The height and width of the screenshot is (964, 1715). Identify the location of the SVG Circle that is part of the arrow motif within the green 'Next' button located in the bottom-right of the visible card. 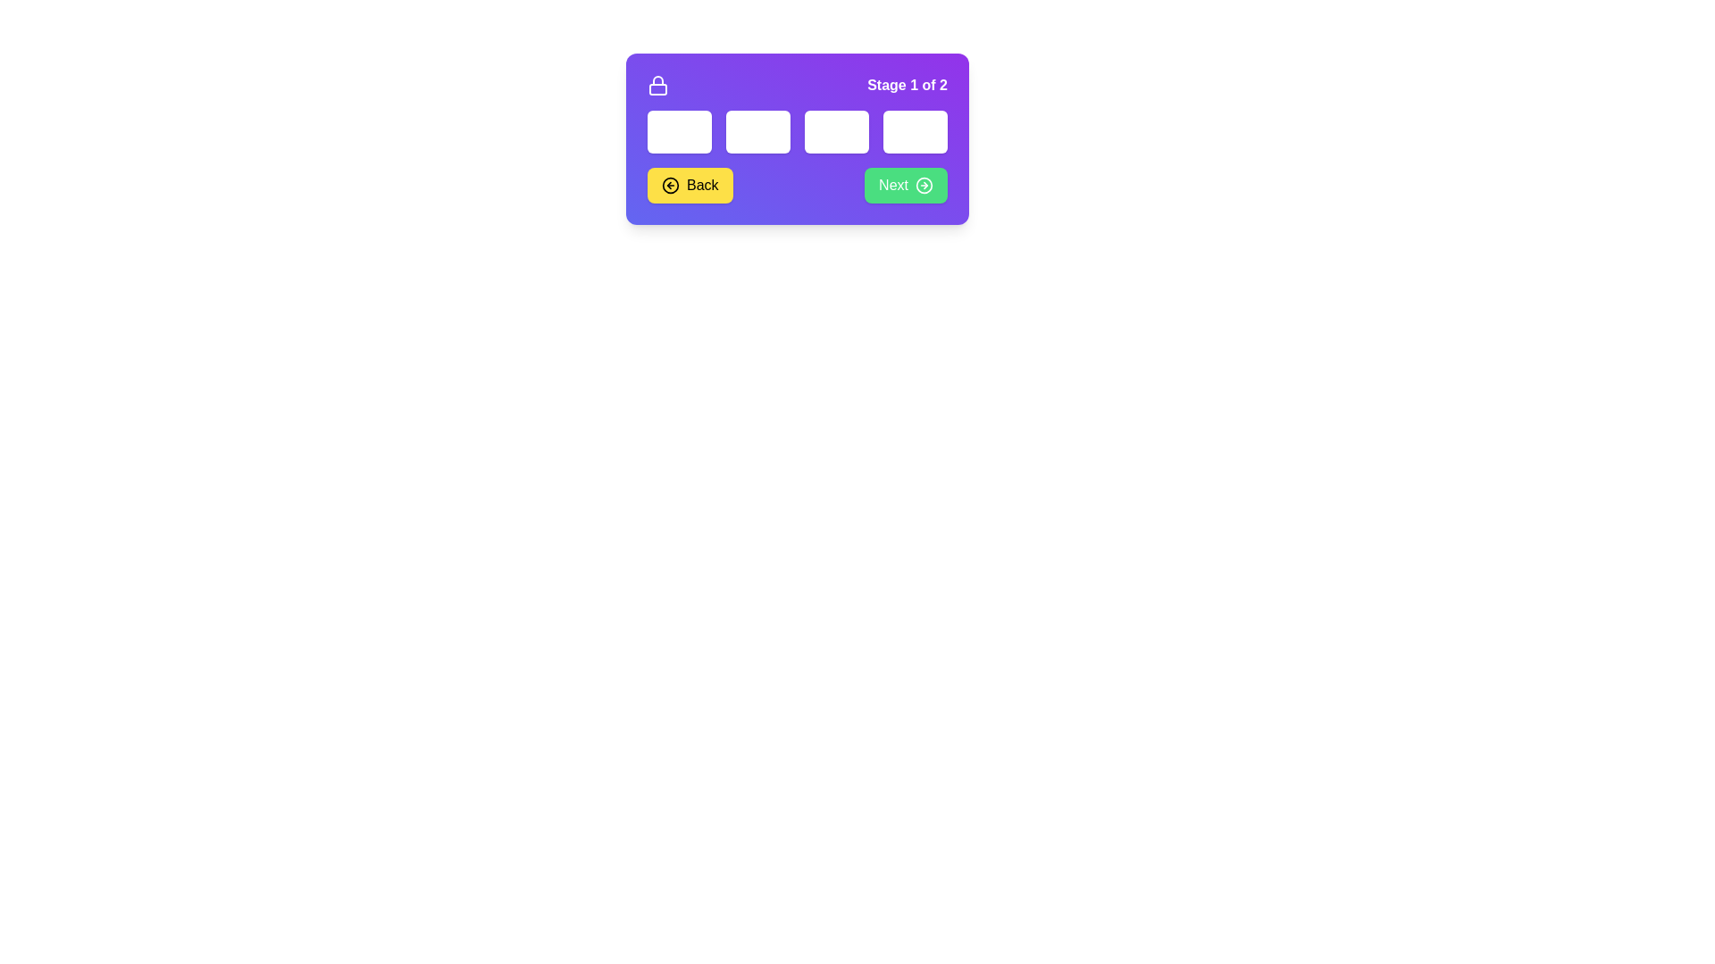
(924, 186).